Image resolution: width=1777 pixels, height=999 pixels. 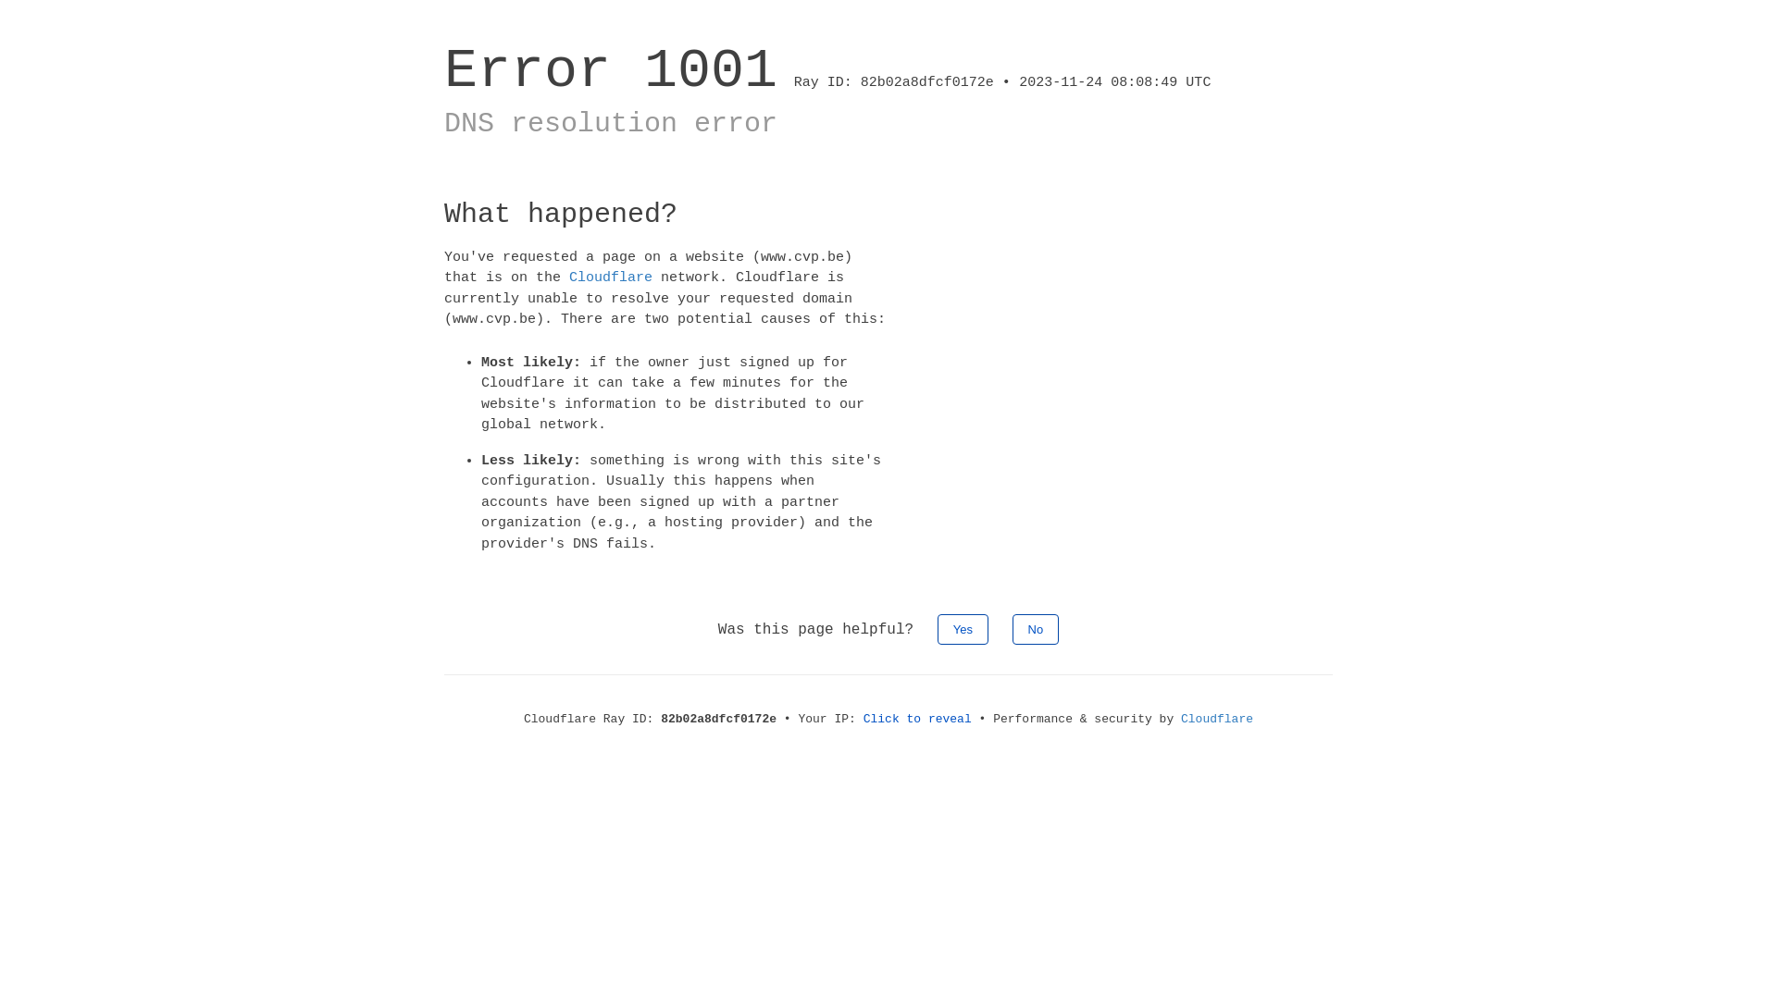 What do you see at coordinates (1035, 628) in the screenshot?
I see `'No'` at bounding box center [1035, 628].